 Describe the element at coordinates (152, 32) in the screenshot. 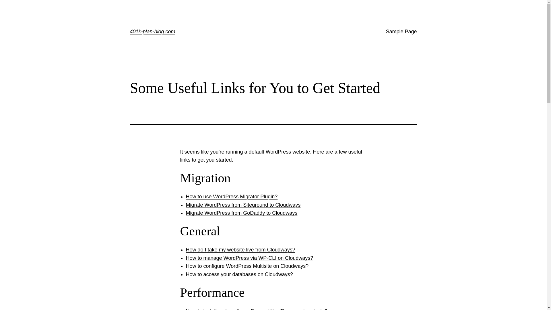

I see `'401k-plan-blog.com'` at that location.